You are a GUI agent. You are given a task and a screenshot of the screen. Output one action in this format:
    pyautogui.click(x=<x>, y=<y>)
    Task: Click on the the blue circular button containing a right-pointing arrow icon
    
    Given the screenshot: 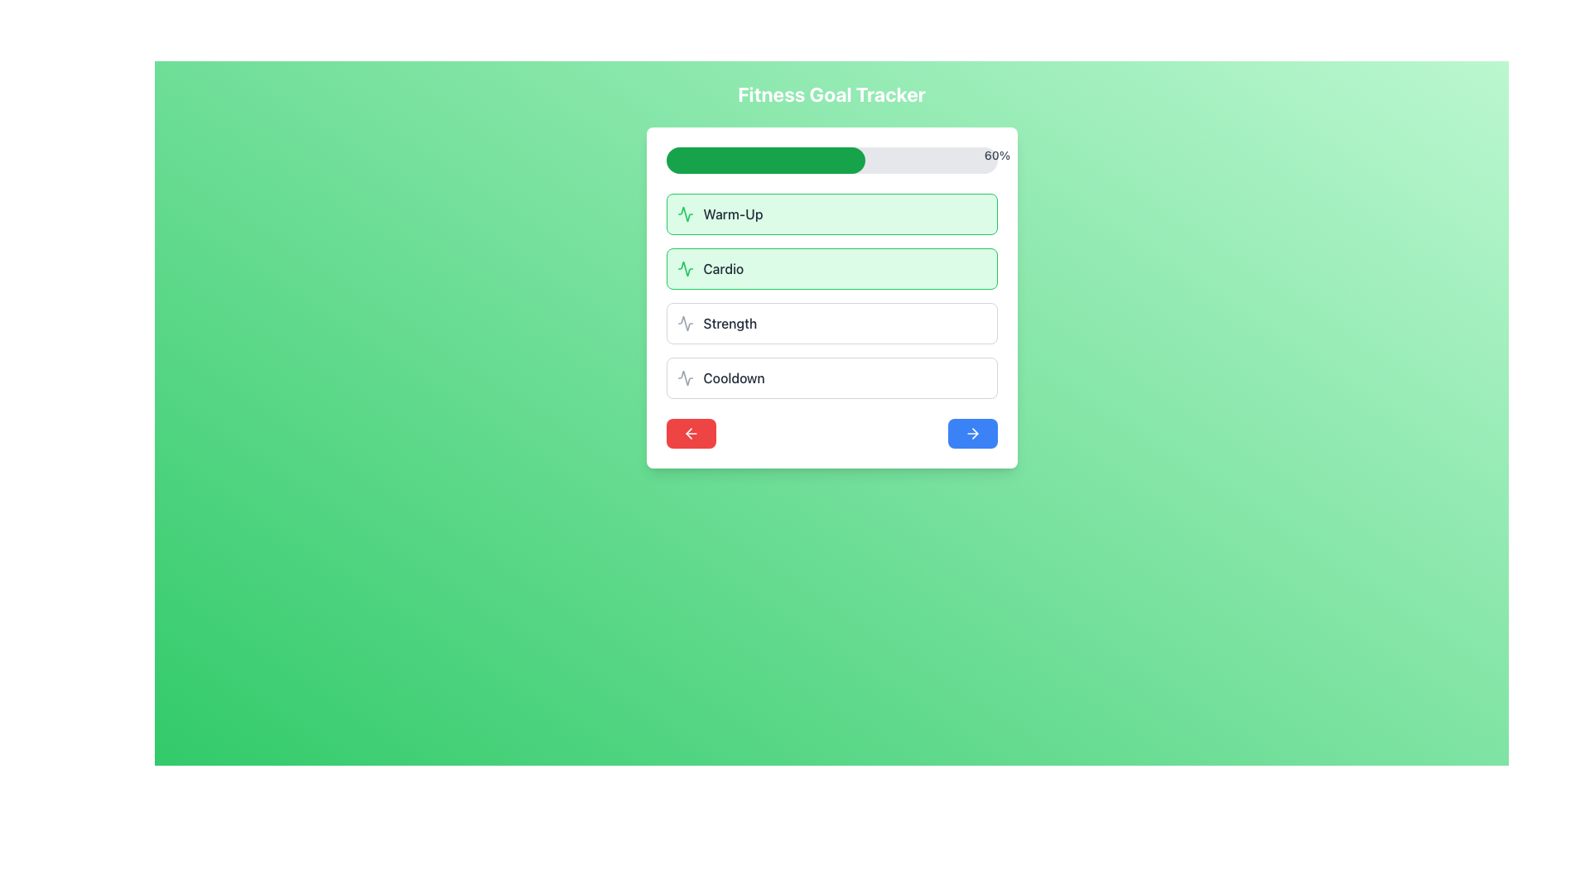 What is the action you would take?
    pyautogui.click(x=974, y=433)
    